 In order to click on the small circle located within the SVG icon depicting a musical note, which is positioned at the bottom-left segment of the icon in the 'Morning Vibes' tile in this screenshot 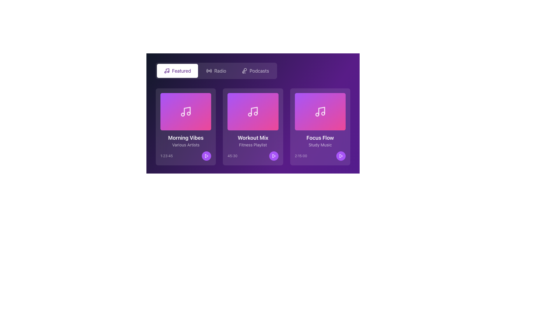, I will do `click(183, 115)`.